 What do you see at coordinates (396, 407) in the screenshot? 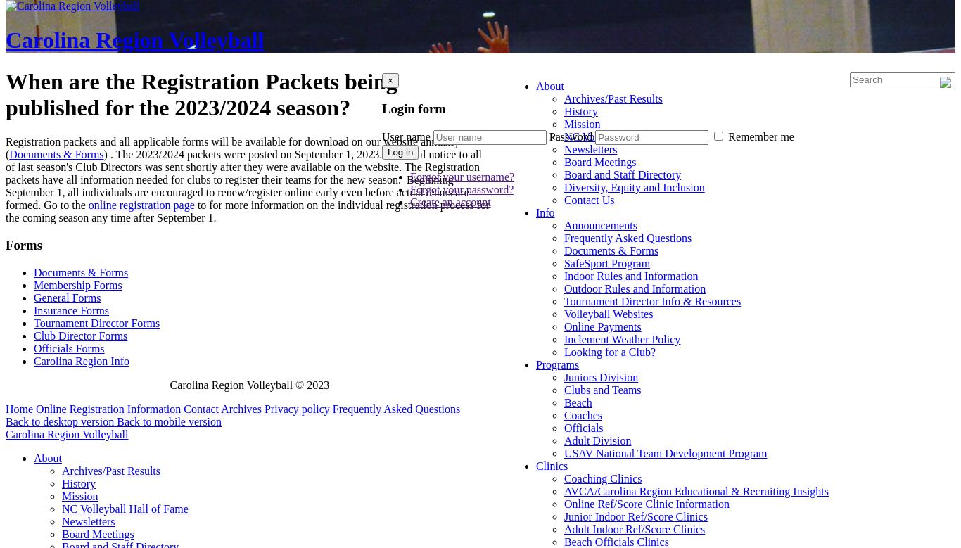
I see `'Frequently Asked Questions'` at bounding box center [396, 407].